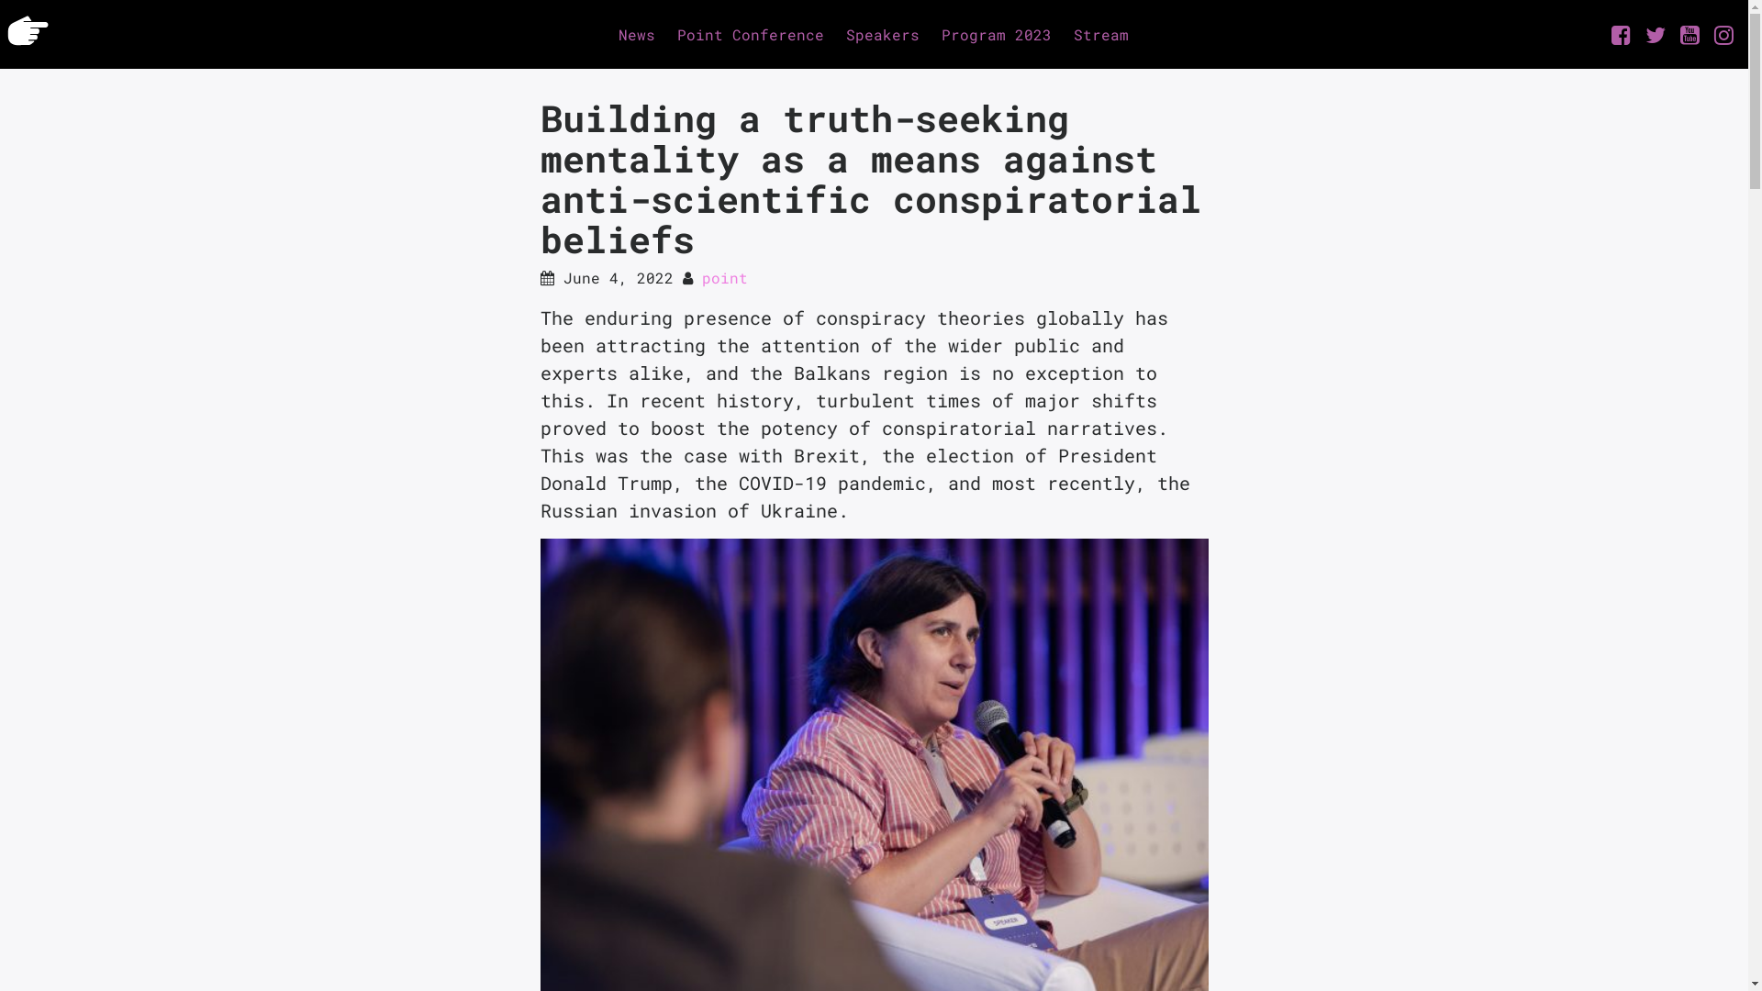 This screenshot has width=1762, height=991. Describe the element at coordinates (1689, 35) in the screenshot. I see `'youtube'` at that location.